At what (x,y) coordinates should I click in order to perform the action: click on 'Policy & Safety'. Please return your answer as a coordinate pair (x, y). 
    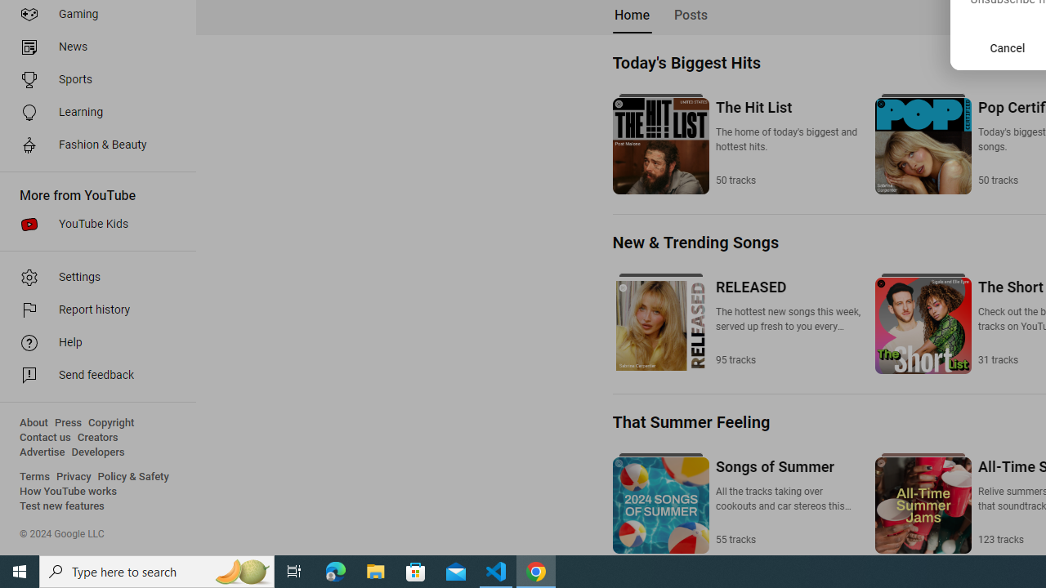
    Looking at the image, I should click on (133, 477).